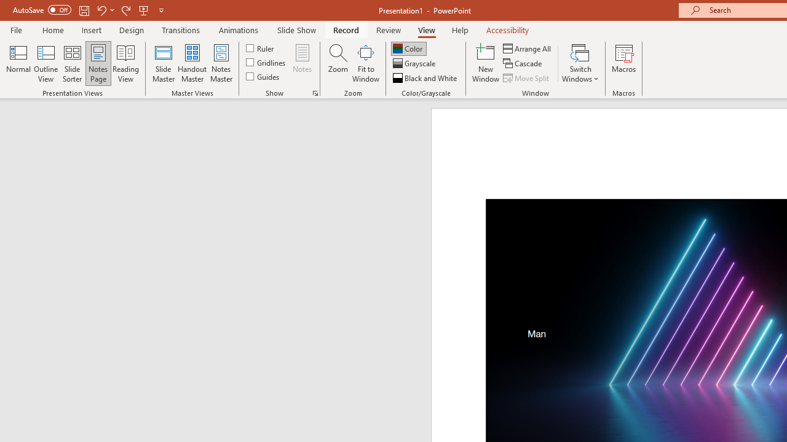  I want to click on 'Slide Master', so click(162, 63).